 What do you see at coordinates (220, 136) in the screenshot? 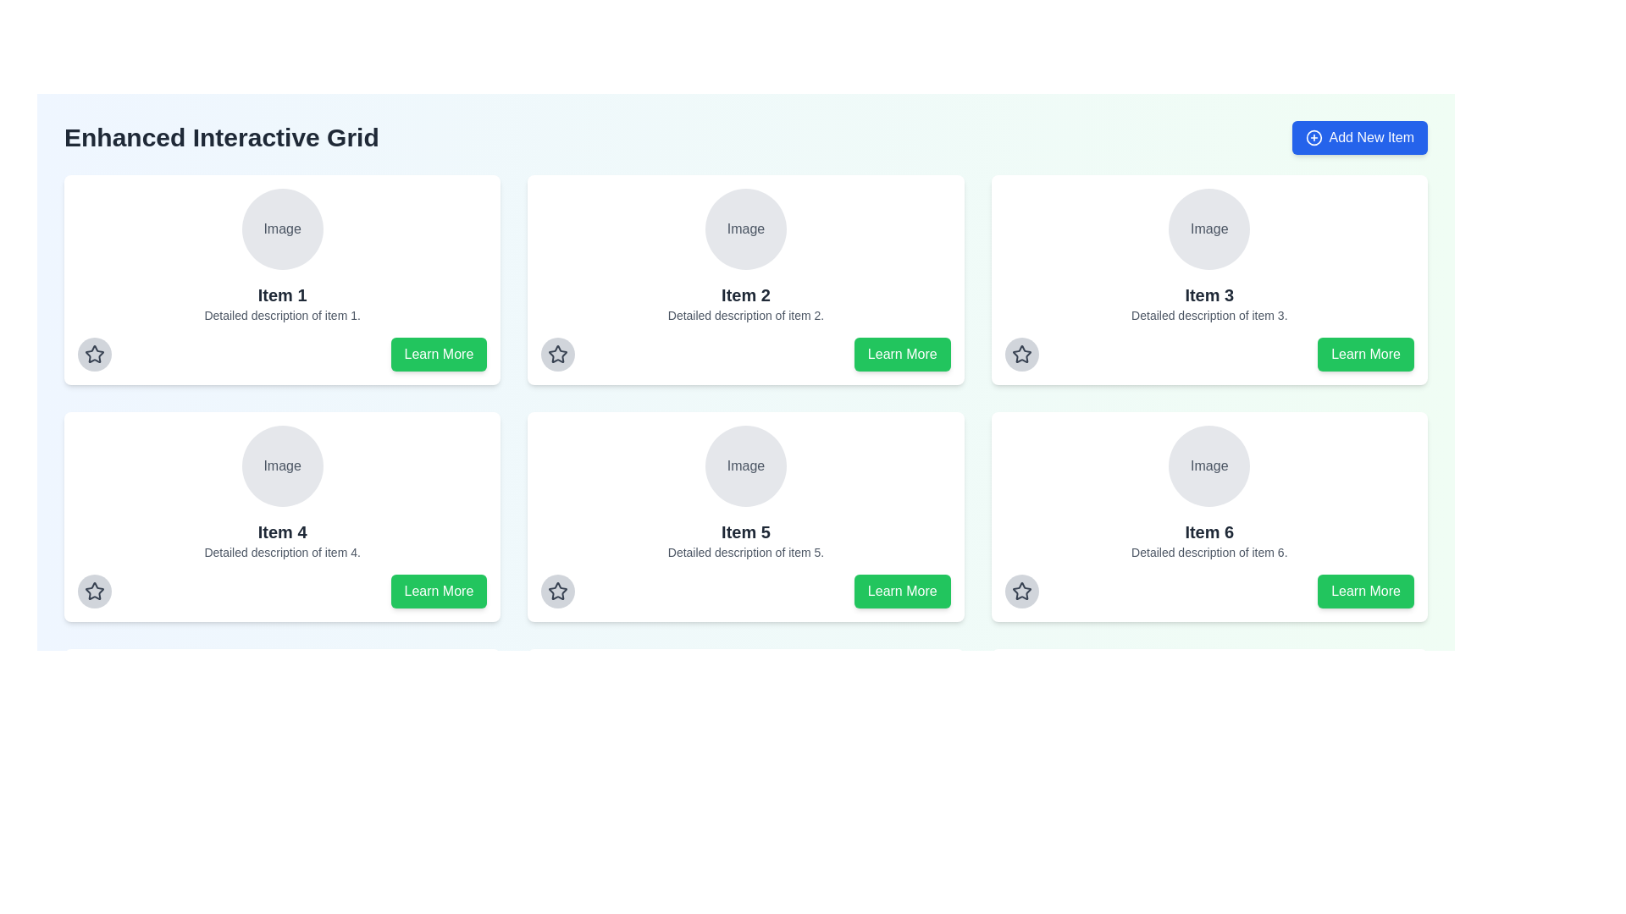
I see `the text label that reads 'Enhanced Interactive Grid', which is styled in bold and large dark gray font, located prominently at the top-left corner of the layout` at bounding box center [220, 136].